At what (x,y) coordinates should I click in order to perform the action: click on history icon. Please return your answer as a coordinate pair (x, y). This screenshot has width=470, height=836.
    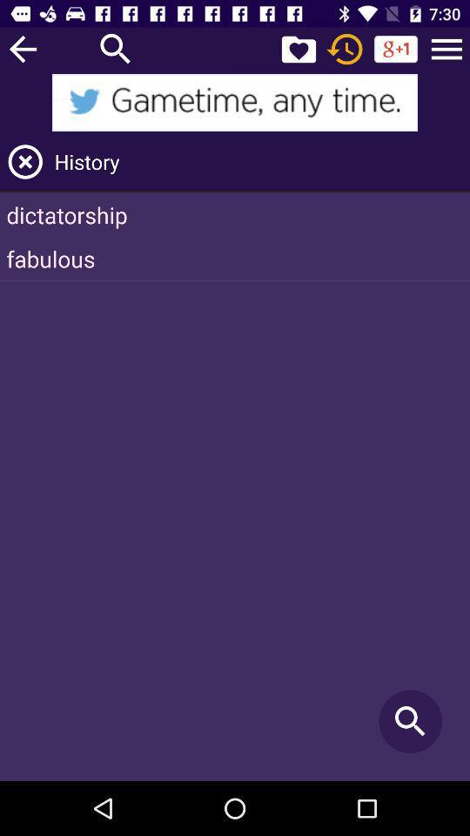
    Looking at the image, I should click on (258, 161).